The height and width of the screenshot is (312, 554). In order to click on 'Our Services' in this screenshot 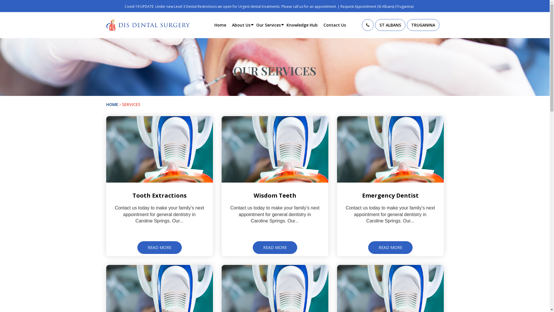, I will do `click(268, 25)`.